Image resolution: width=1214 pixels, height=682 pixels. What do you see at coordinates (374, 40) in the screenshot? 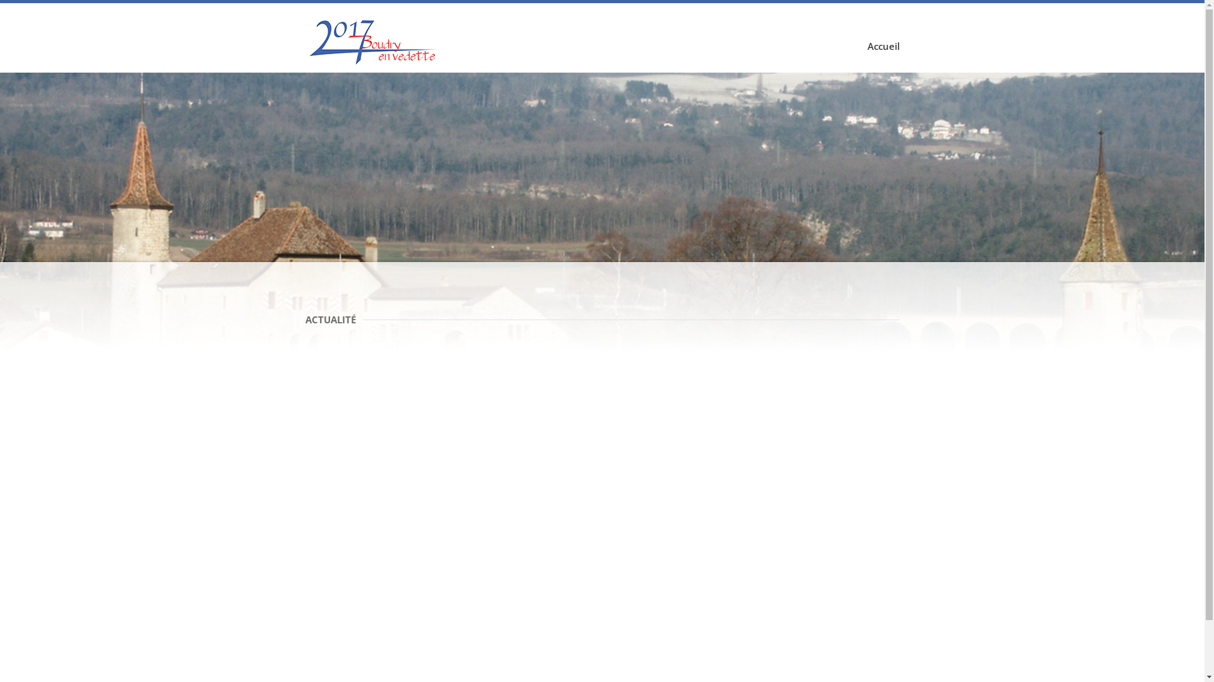
I see `'2017 Boudry'` at bounding box center [374, 40].